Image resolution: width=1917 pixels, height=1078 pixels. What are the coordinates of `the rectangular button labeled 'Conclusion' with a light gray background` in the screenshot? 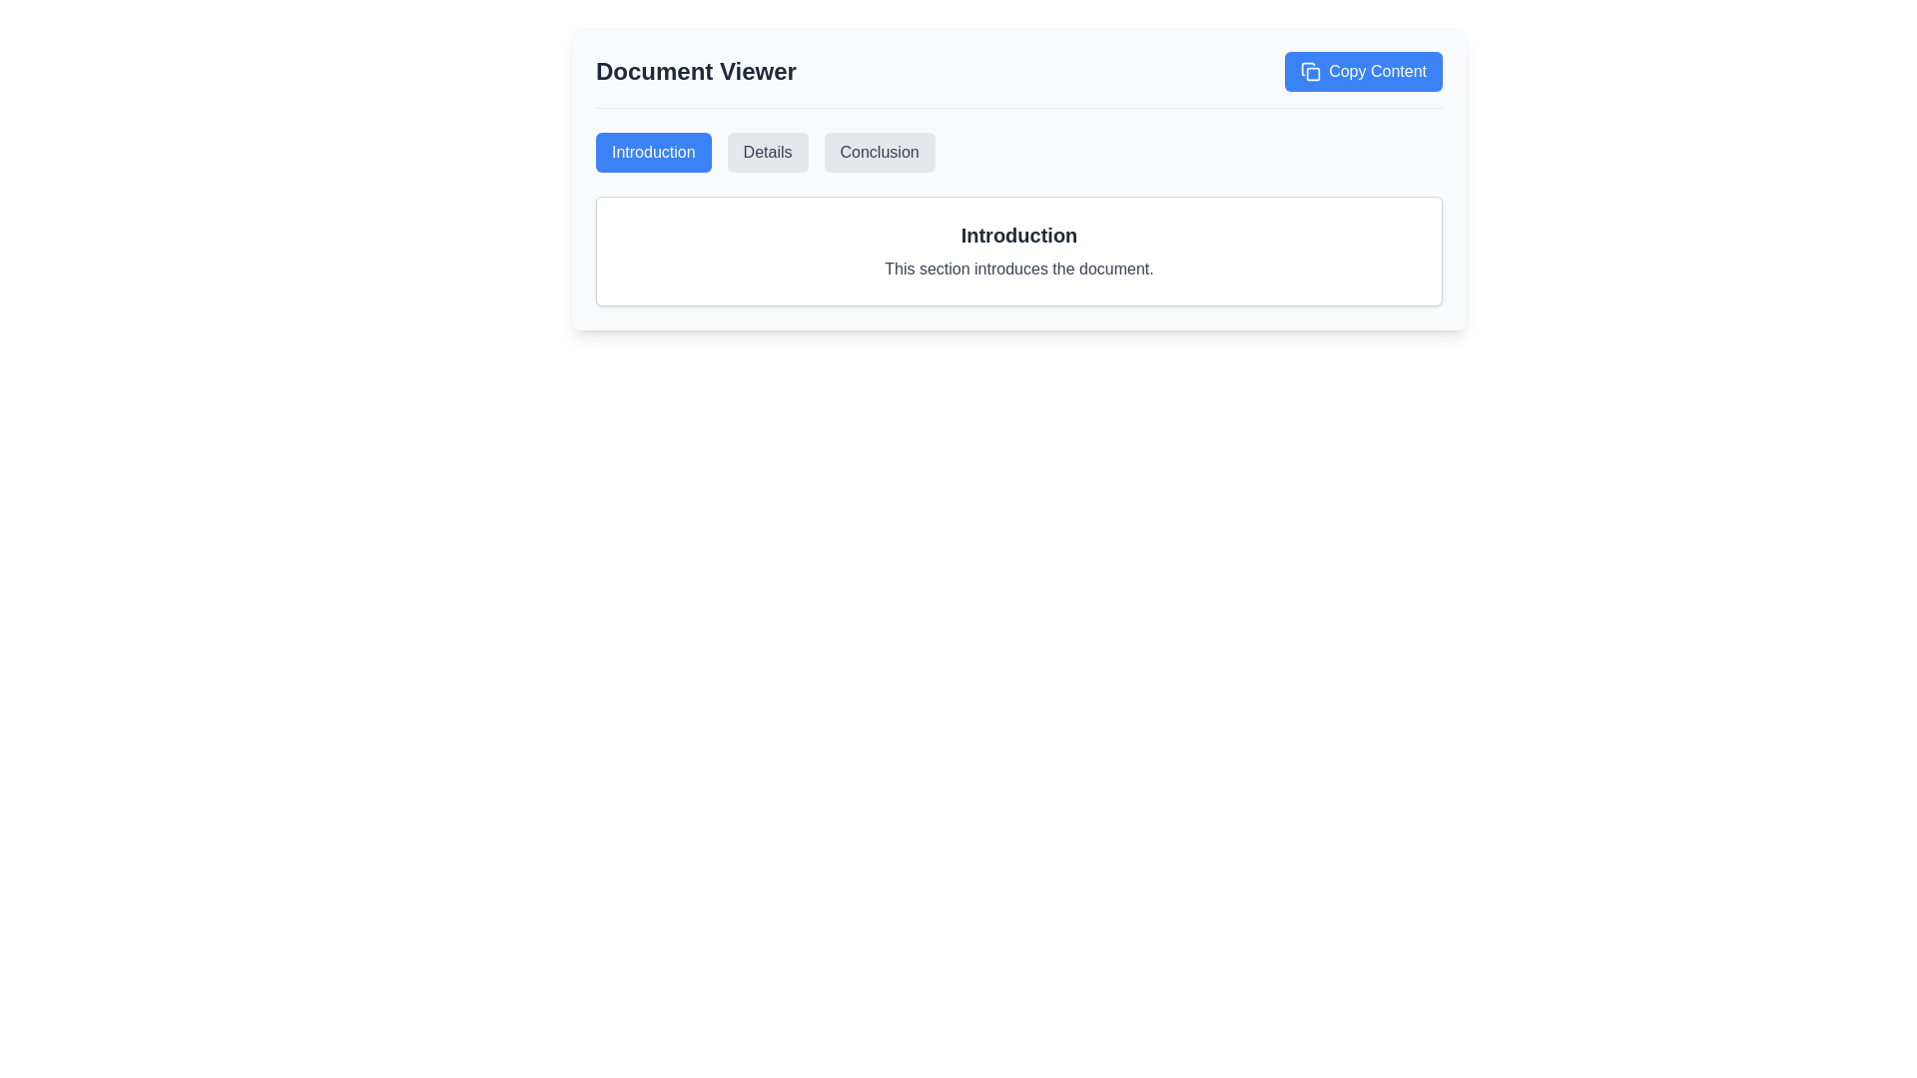 It's located at (879, 152).